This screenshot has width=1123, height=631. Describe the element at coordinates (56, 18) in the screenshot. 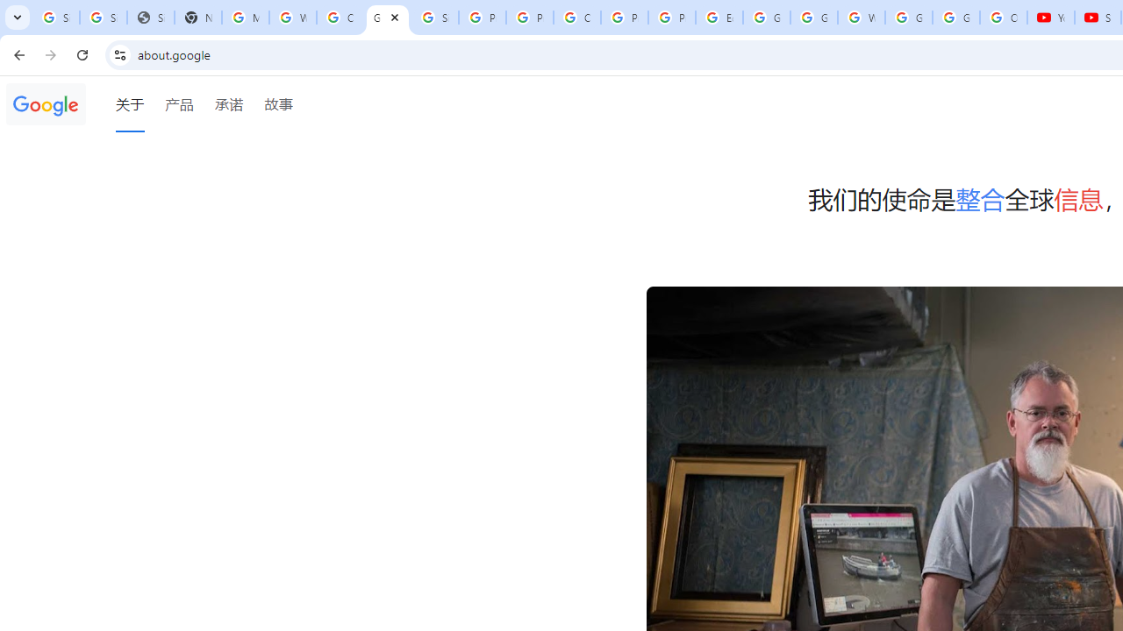

I see `'Sign in - Google Accounts'` at that location.